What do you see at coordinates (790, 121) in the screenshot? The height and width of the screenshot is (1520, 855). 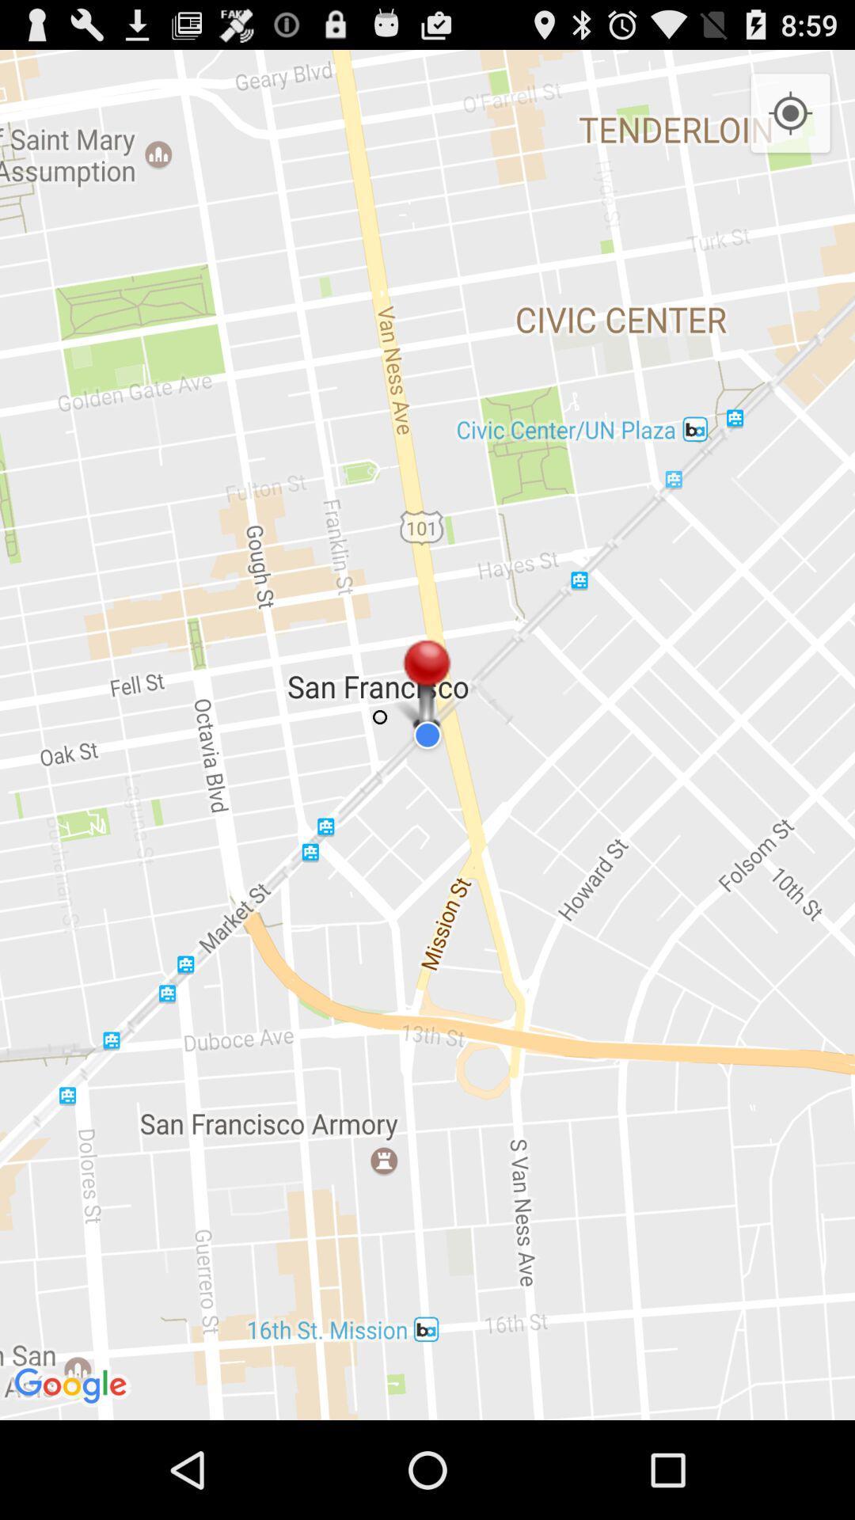 I see `the location_crosshair icon` at bounding box center [790, 121].